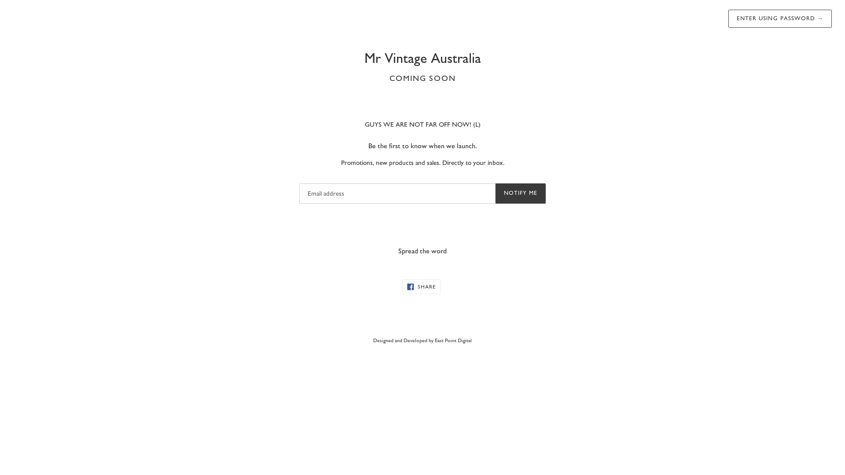  Describe the element at coordinates (421, 286) in the screenshot. I see `'SHARE` at that location.